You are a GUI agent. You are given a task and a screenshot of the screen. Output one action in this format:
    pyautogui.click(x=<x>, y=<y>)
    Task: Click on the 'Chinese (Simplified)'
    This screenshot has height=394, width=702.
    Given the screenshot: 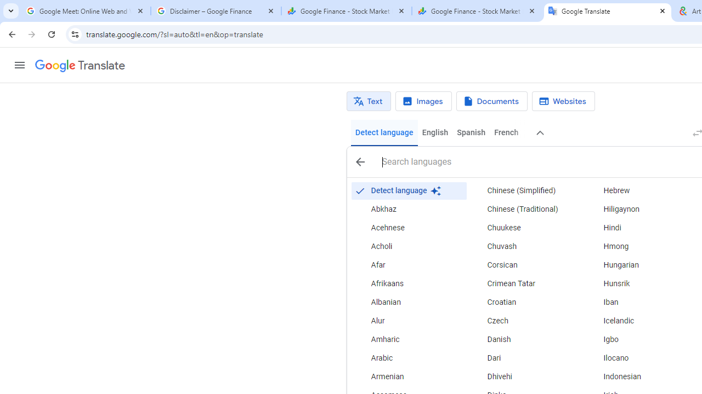 What is the action you would take?
    pyautogui.click(x=524, y=190)
    